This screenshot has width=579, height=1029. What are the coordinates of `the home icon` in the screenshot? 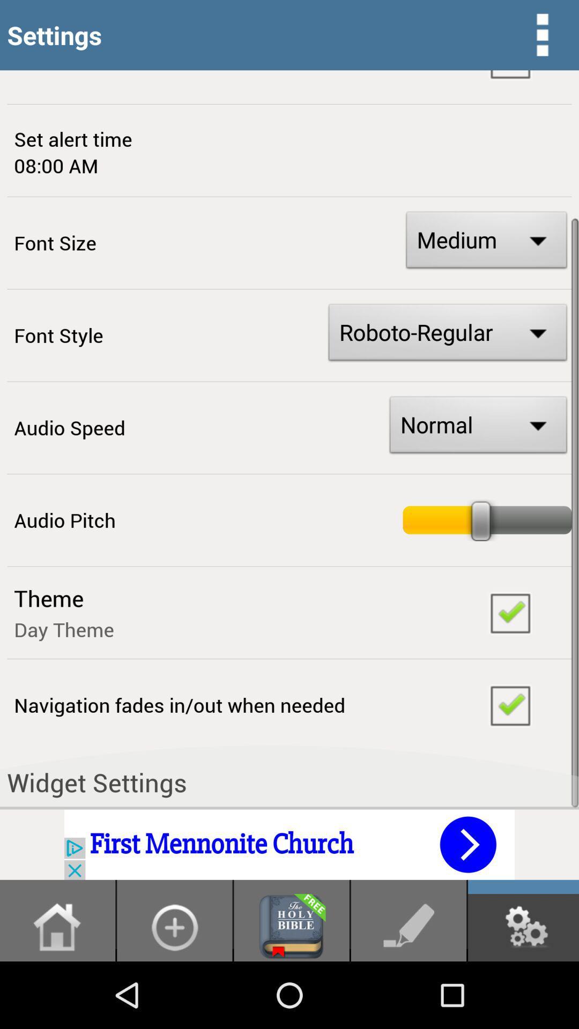 It's located at (57, 992).